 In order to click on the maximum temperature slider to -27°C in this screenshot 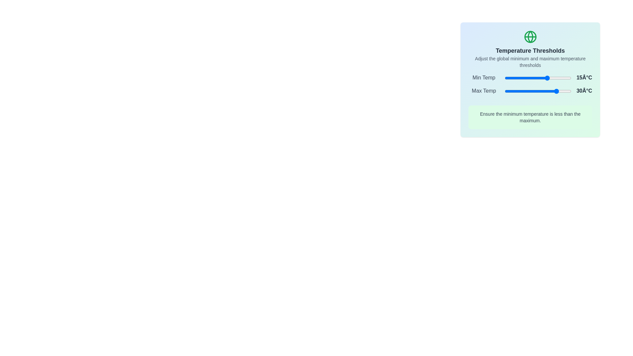, I will do `click(520, 91)`.